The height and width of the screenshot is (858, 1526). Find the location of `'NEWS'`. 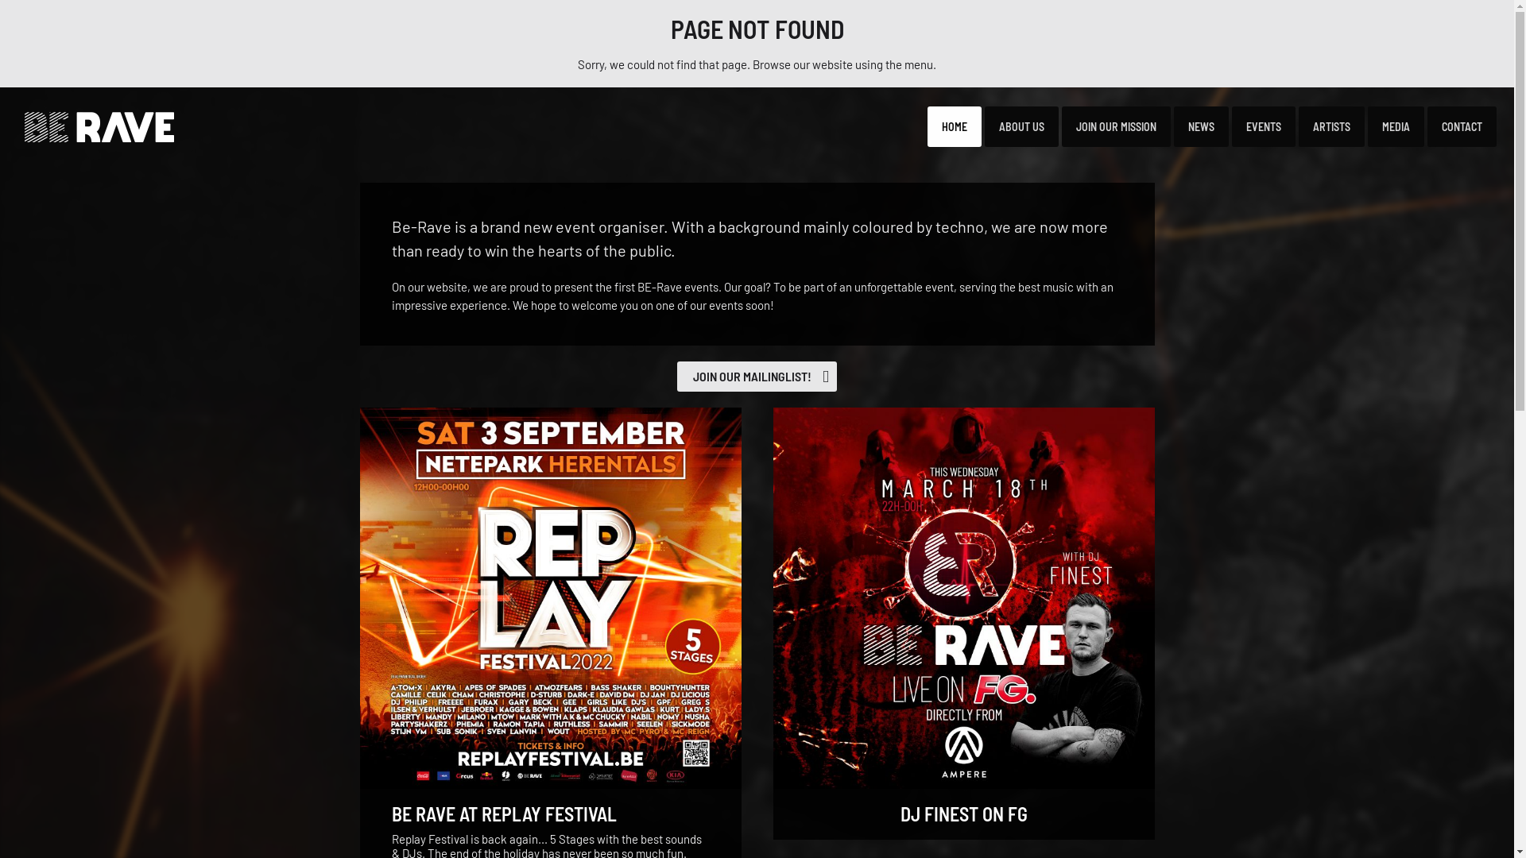

'NEWS' is located at coordinates (1201, 126).